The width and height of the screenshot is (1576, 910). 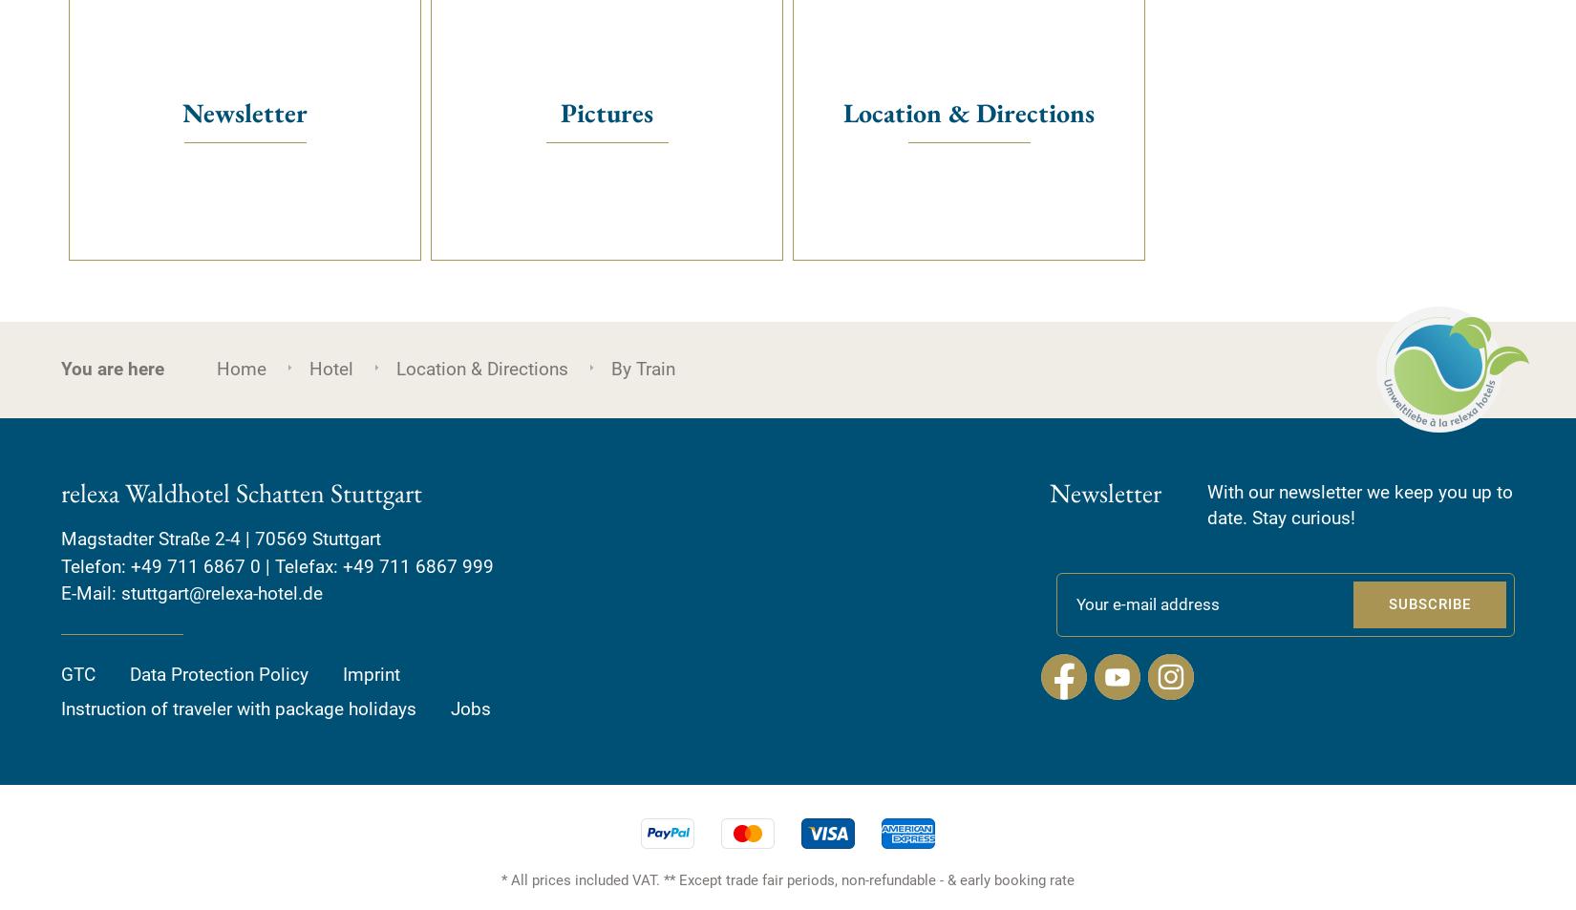 What do you see at coordinates (372, 673) in the screenshot?
I see `'Imprint'` at bounding box center [372, 673].